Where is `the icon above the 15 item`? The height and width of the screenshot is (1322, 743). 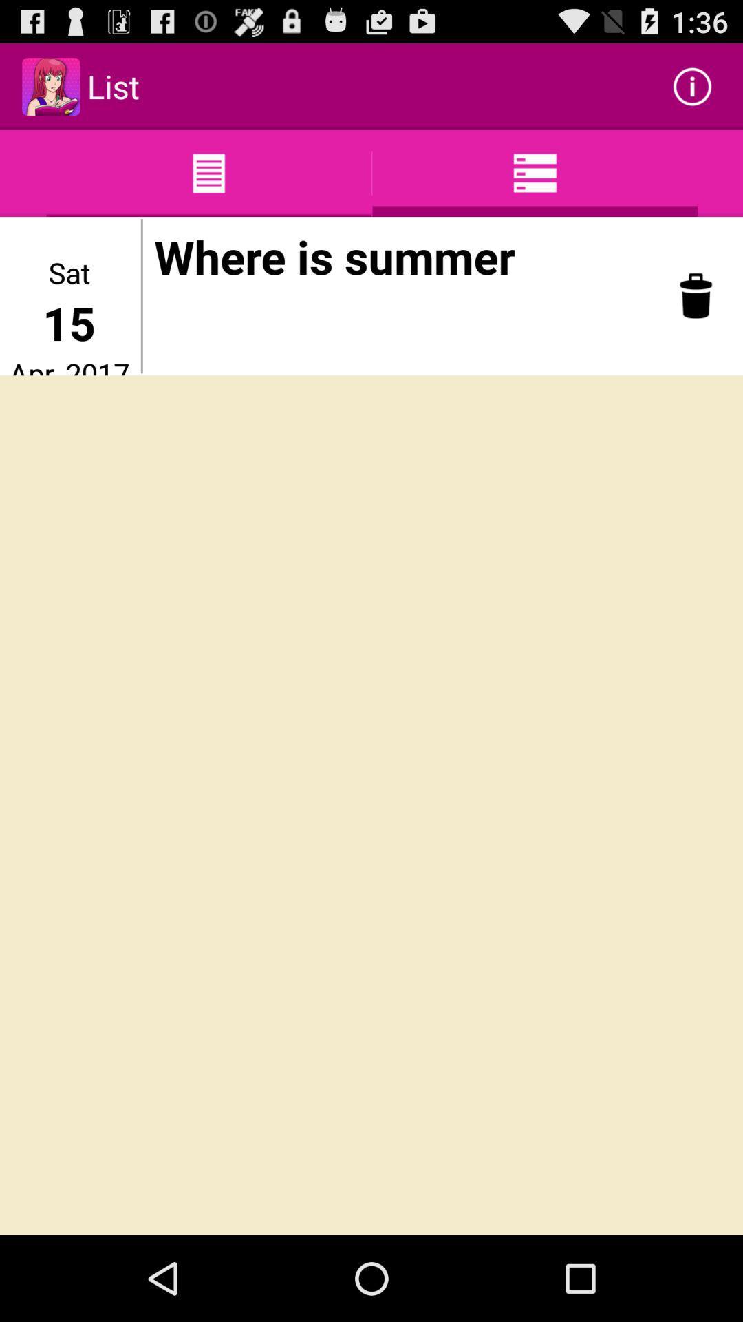
the icon above the 15 item is located at coordinates (69, 272).